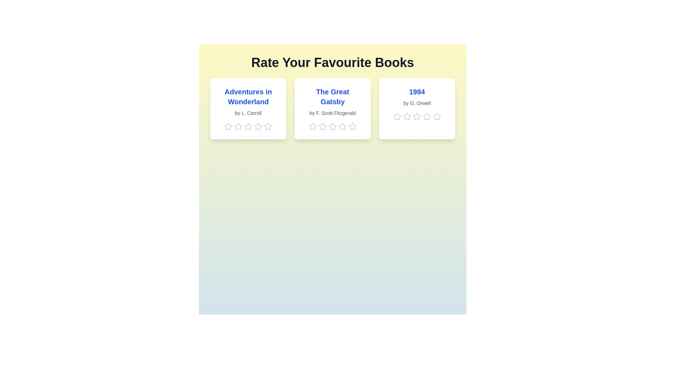 This screenshot has height=383, width=681. Describe the element at coordinates (332, 126) in the screenshot. I see `the 3 star for the book titled 'The Great Gatsby'` at that location.